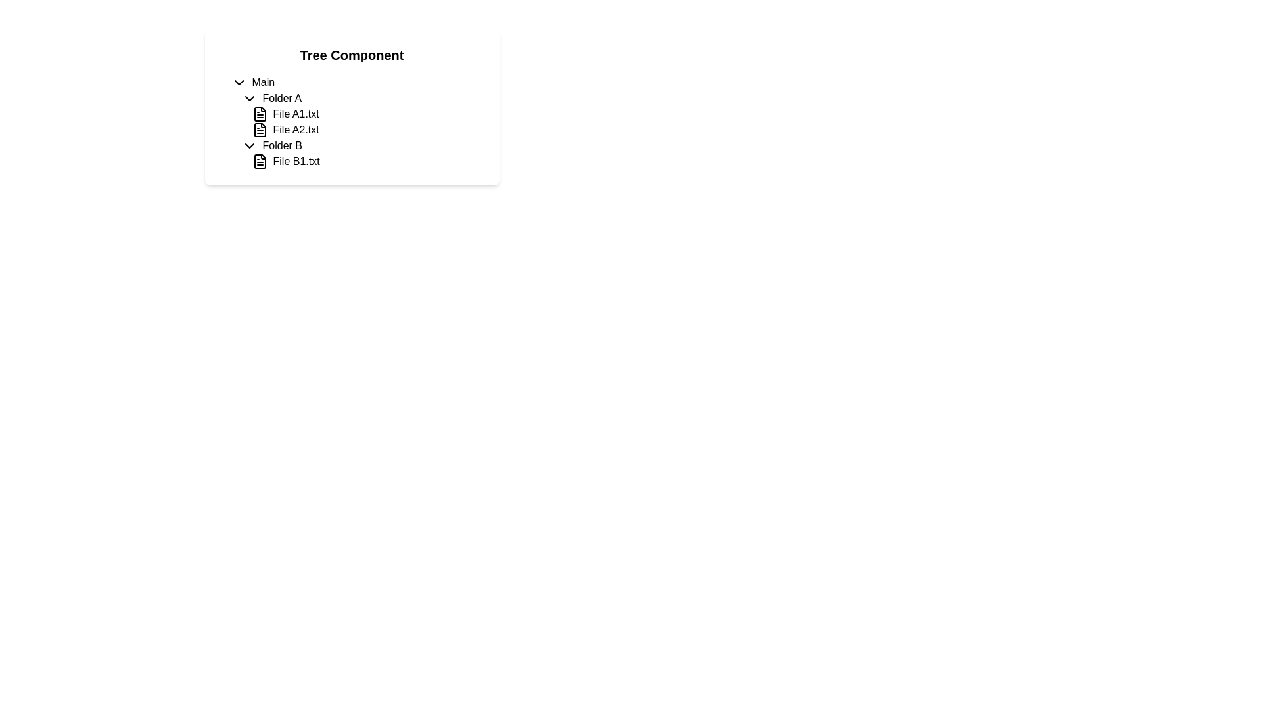  What do you see at coordinates (357, 83) in the screenshot?
I see `the 'Main' Collapsible Tree Node` at bounding box center [357, 83].